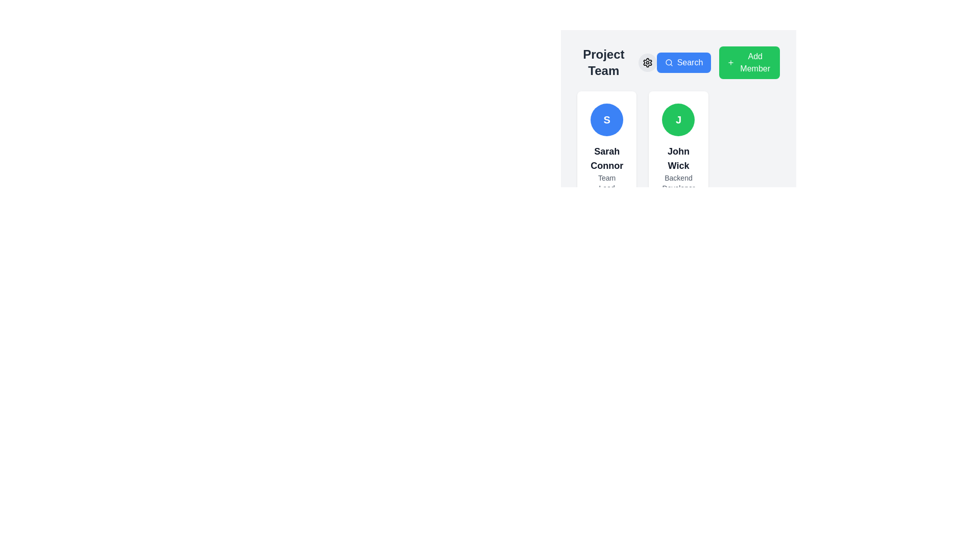 The height and width of the screenshot is (551, 980). Describe the element at coordinates (718, 63) in the screenshot. I see `the green 'Add Member' button, which is styled with rounded corners and a white '+' icon, located to the right of the blue 'Search' button under the 'Project Team' header` at that location.